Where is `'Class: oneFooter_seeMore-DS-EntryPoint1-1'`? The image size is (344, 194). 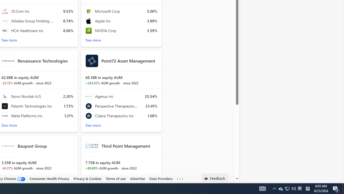 'Class: oneFooter_seeMore-DS-EntryPoint1-1' is located at coordinates (180, 179).